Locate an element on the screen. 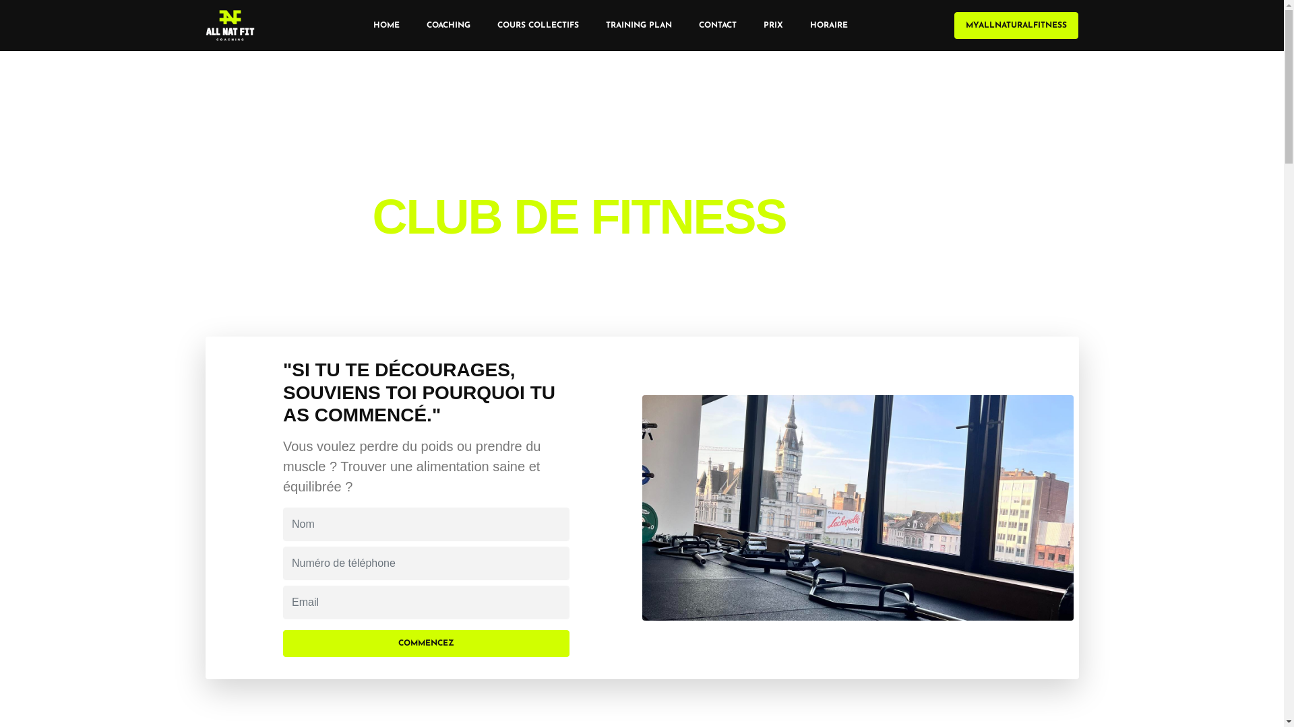  'COURS COLLECTIFS' is located at coordinates (484, 26).